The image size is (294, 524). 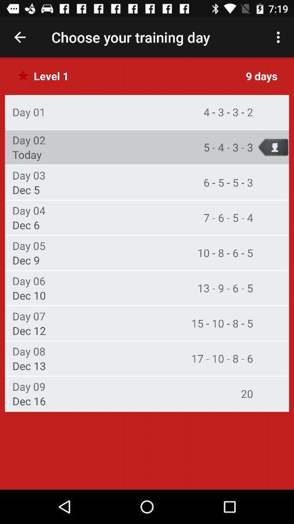 What do you see at coordinates (20, 37) in the screenshot?
I see `app next to choose your training item` at bounding box center [20, 37].